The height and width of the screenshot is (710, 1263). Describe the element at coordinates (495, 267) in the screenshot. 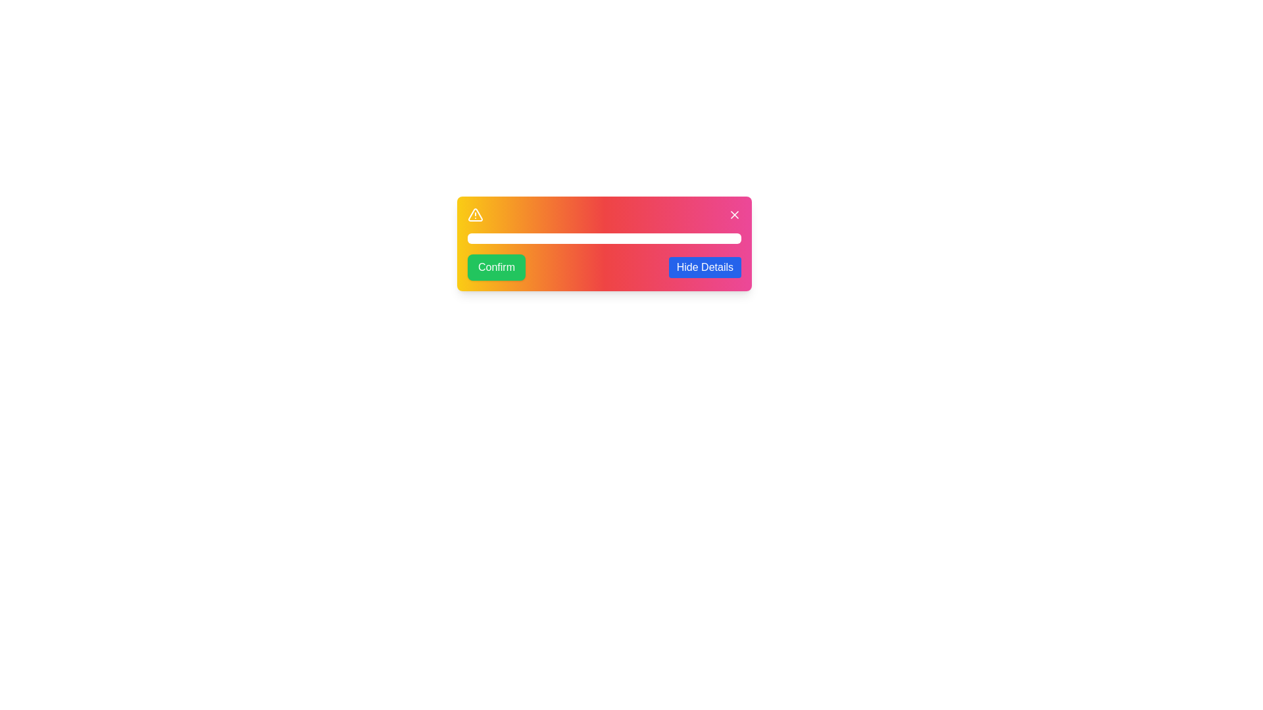

I see `the 'Confirm' button, which is a rectangular button with a green background and white text` at that location.